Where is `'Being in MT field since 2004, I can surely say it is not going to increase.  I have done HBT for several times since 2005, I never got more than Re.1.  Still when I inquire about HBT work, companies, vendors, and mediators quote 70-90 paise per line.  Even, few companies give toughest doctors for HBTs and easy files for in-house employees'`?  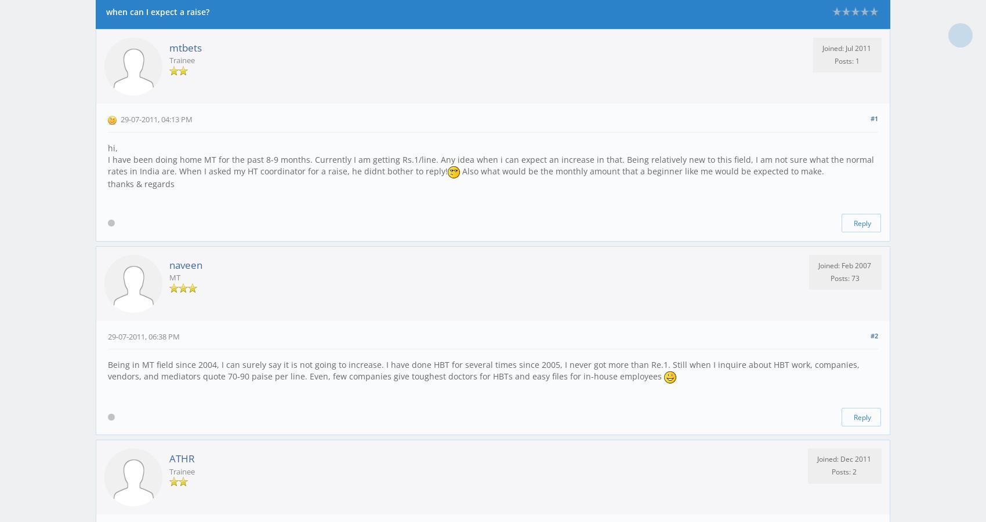
'Being in MT field since 2004, I can surely say it is not going to increase.  I have done HBT for several times since 2005, I never got more than Re.1.  Still when I inquire about HBT work, companies, vendors, and mediators quote 70-90 paise per line.  Even, few companies give toughest doctors for HBTs and easy files for in-house employees' is located at coordinates (483, 370).